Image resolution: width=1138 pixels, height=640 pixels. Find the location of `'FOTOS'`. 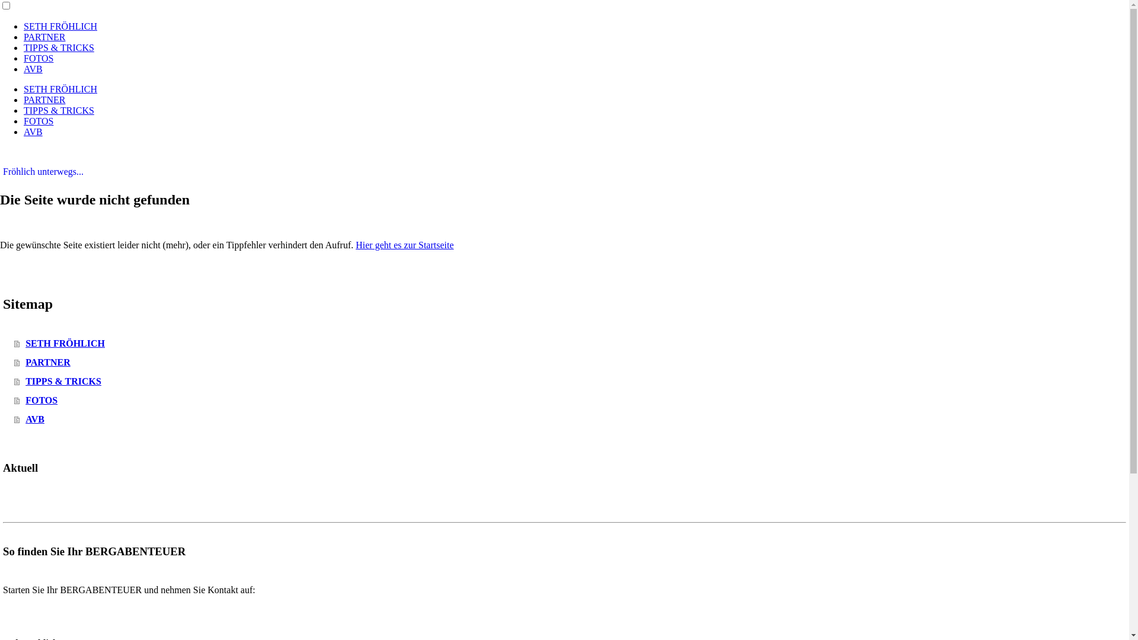

'FOTOS' is located at coordinates (39, 121).